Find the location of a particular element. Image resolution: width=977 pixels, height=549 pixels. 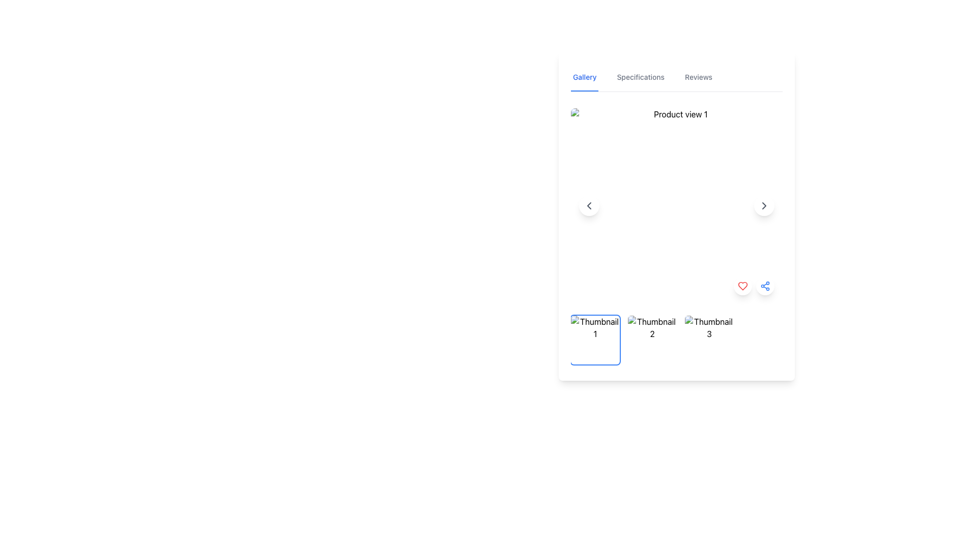

the 'Specifications' text label in the navigation bar is located at coordinates (640, 77).